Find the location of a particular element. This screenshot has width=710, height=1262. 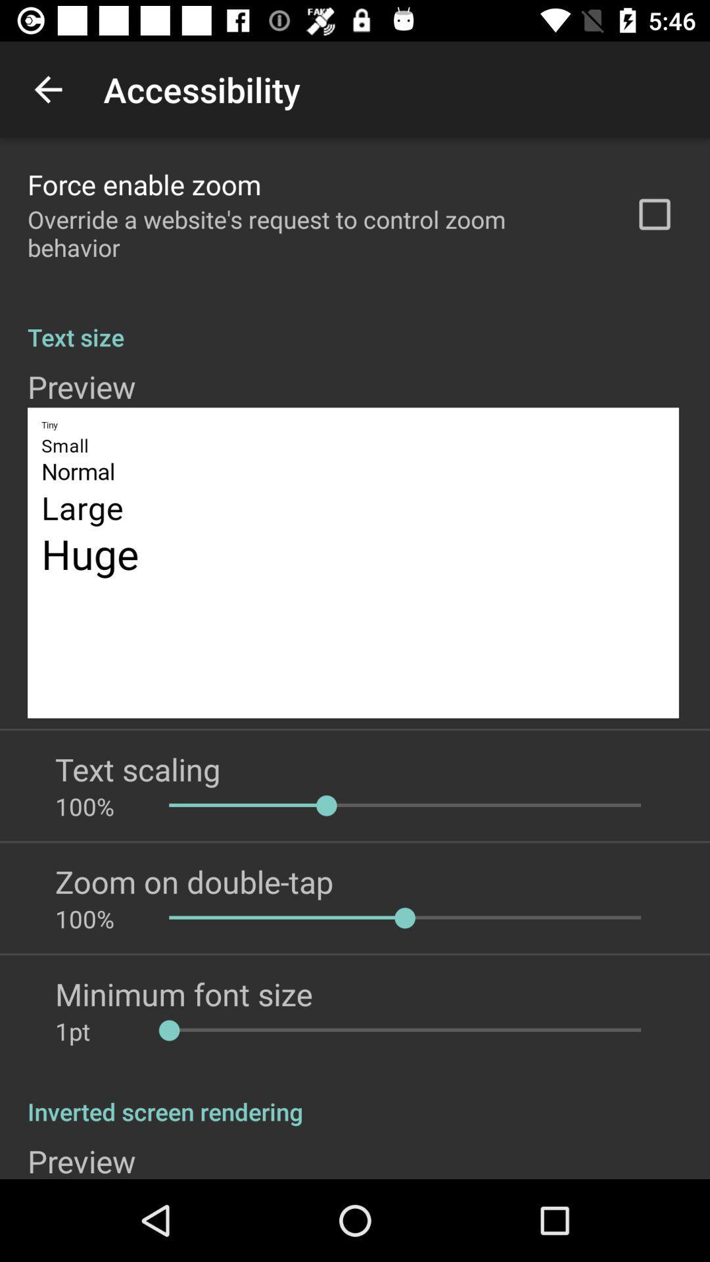

the text size app is located at coordinates (355, 323).